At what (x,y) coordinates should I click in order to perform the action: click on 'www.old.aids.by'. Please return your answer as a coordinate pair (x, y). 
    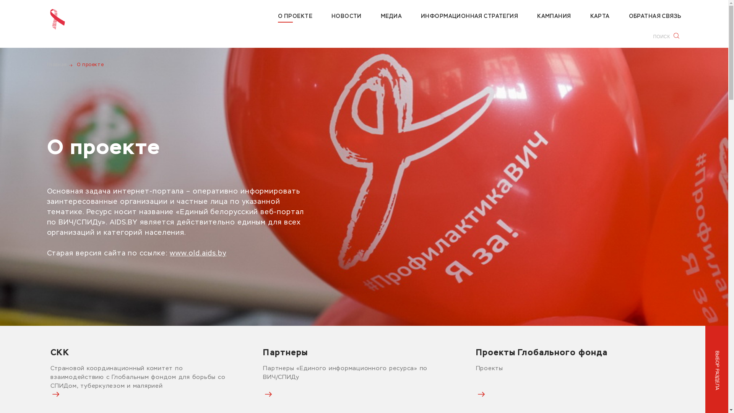
    Looking at the image, I should click on (198, 254).